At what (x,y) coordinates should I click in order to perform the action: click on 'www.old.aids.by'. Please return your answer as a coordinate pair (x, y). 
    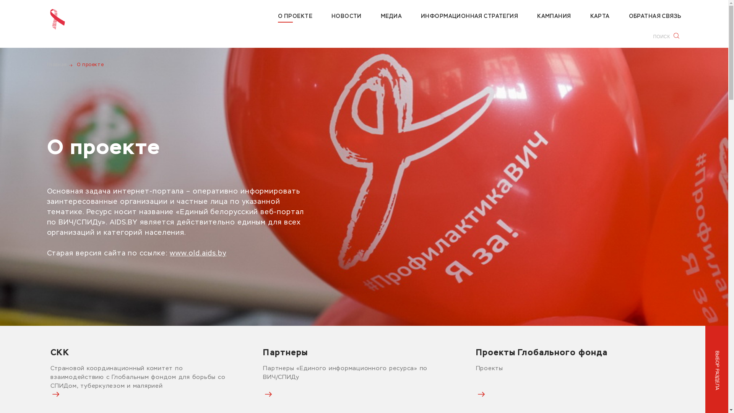
    Looking at the image, I should click on (198, 254).